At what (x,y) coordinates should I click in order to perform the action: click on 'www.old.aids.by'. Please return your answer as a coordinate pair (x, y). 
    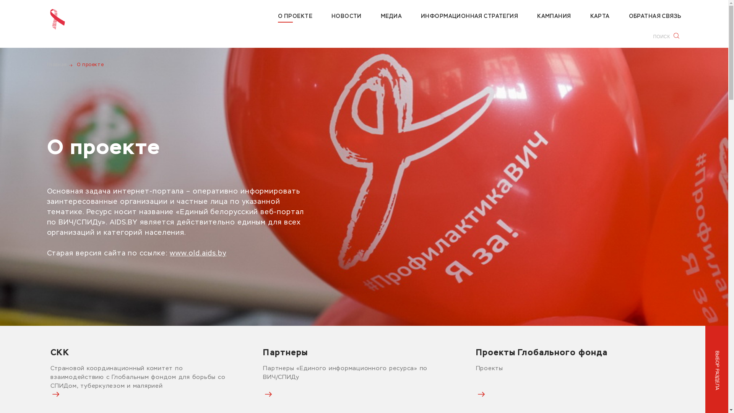
    Looking at the image, I should click on (198, 254).